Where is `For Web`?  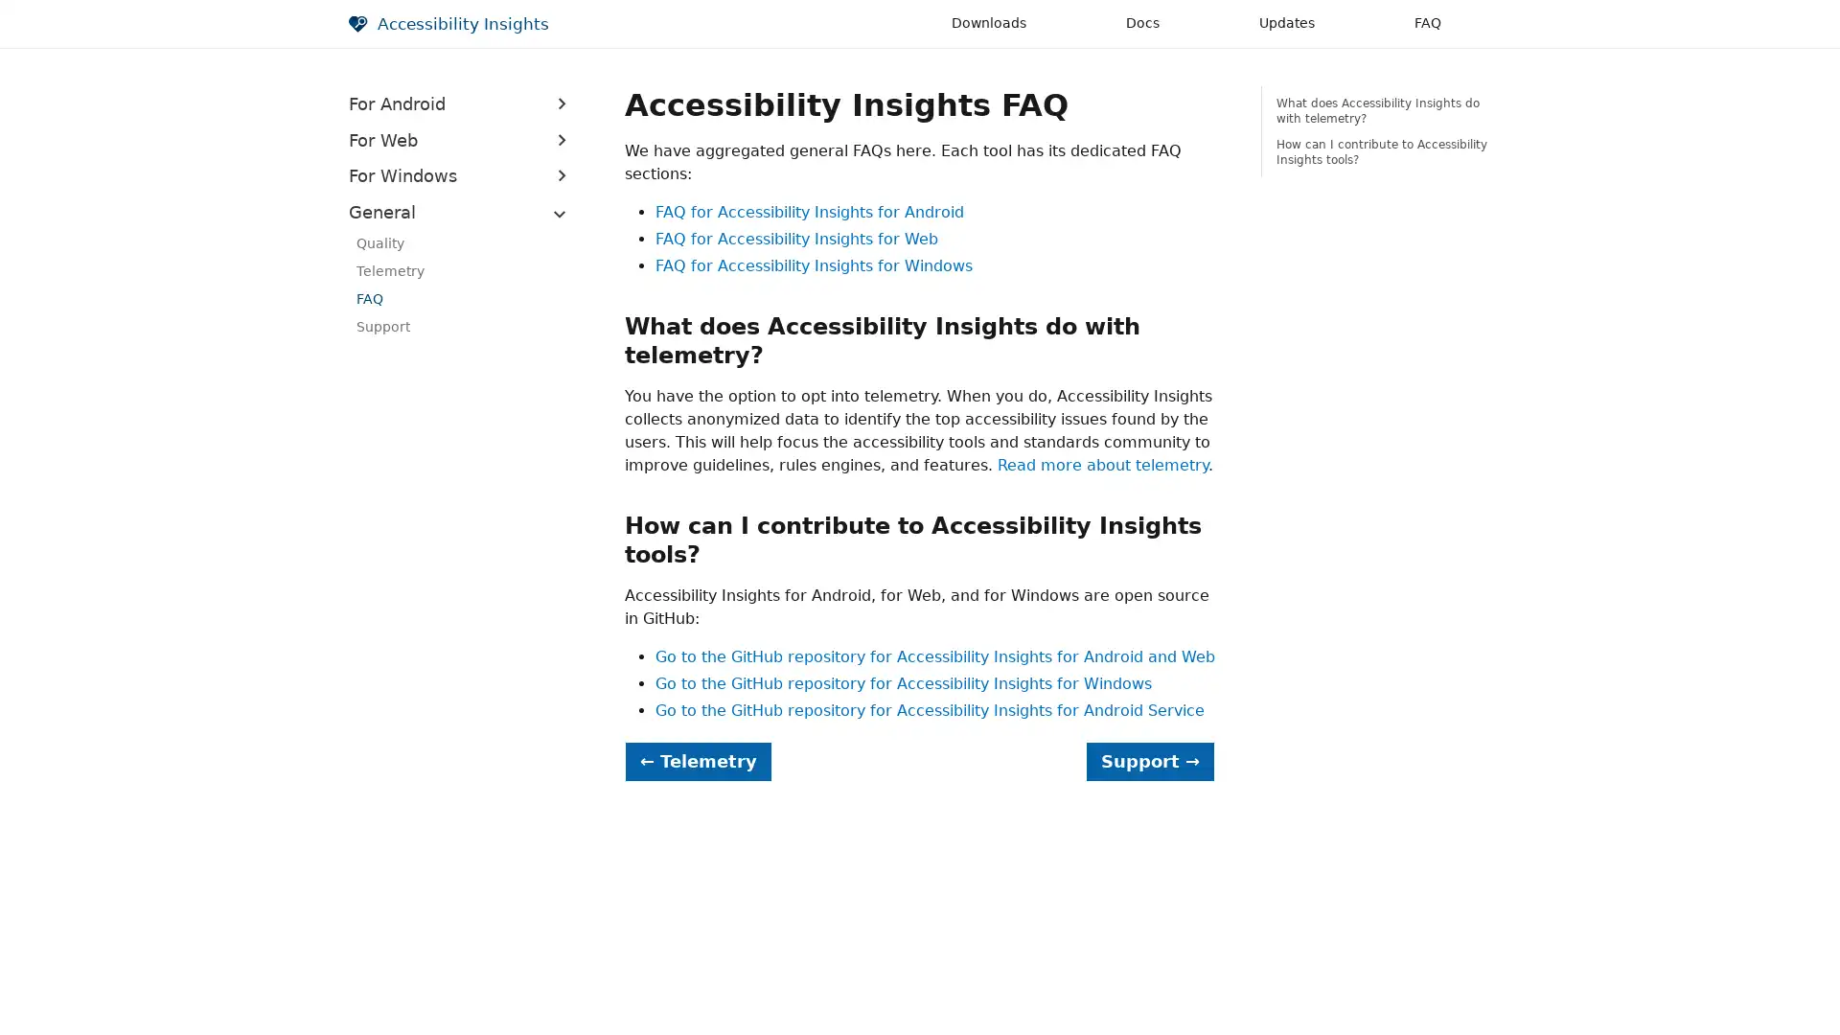
For Web is located at coordinates (464, 139).